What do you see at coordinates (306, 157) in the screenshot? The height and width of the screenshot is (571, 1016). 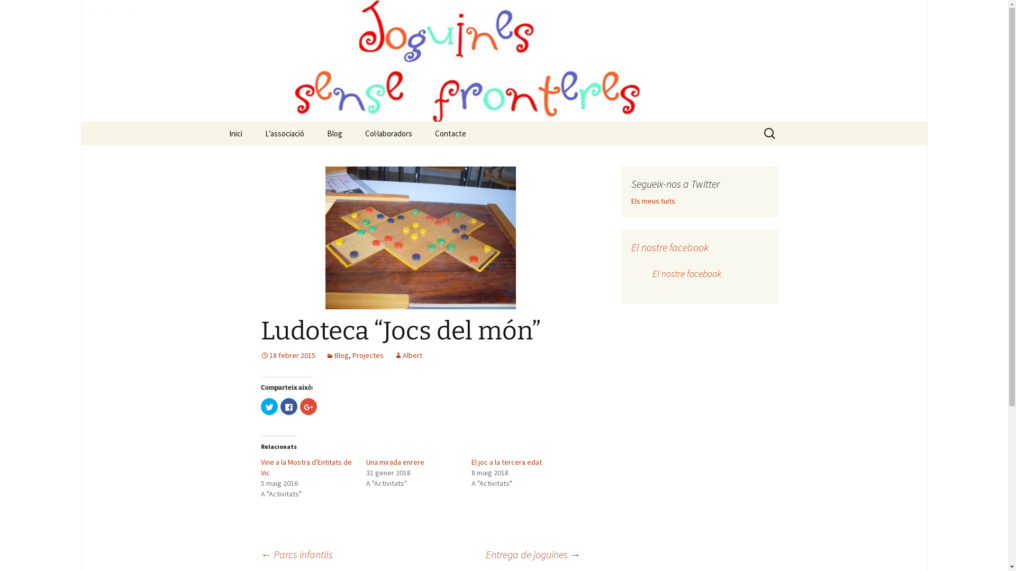 I see `'Objectius de JSF'` at bounding box center [306, 157].